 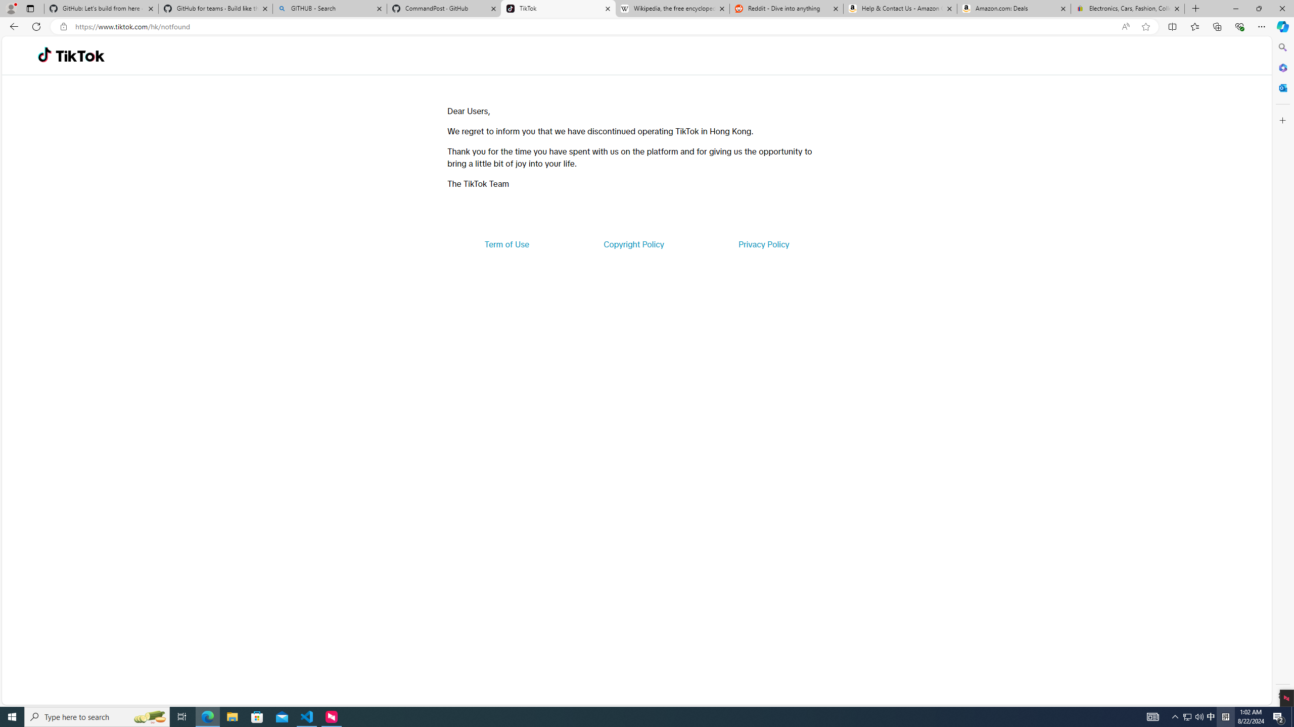 What do you see at coordinates (763, 243) in the screenshot?
I see `'Privacy Policy'` at bounding box center [763, 243].